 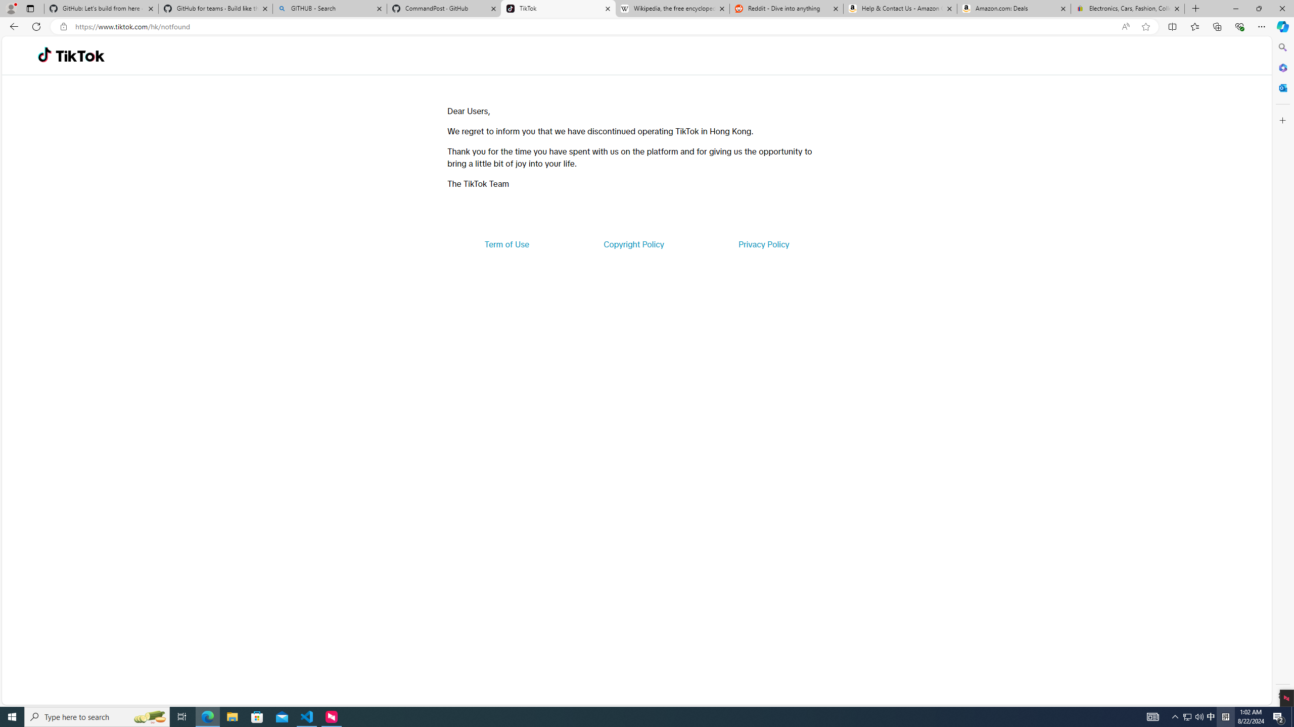 What do you see at coordinates (763, 243) in the screenshot?
I see `'Privacy Policy'` at bounding box center [763, 243].